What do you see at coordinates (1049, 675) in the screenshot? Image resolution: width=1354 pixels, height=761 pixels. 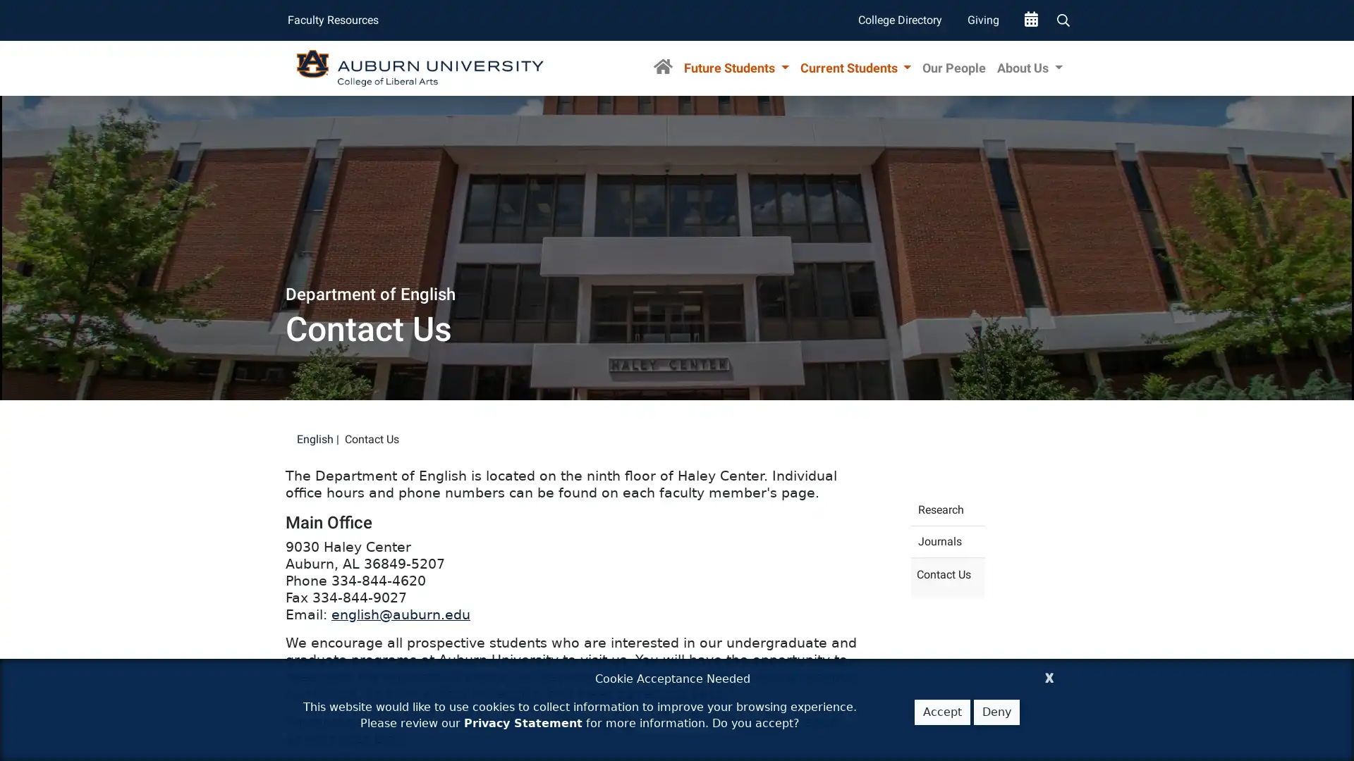 I see `Close Cookie Acceptance` at bounding box center [1049, 675].